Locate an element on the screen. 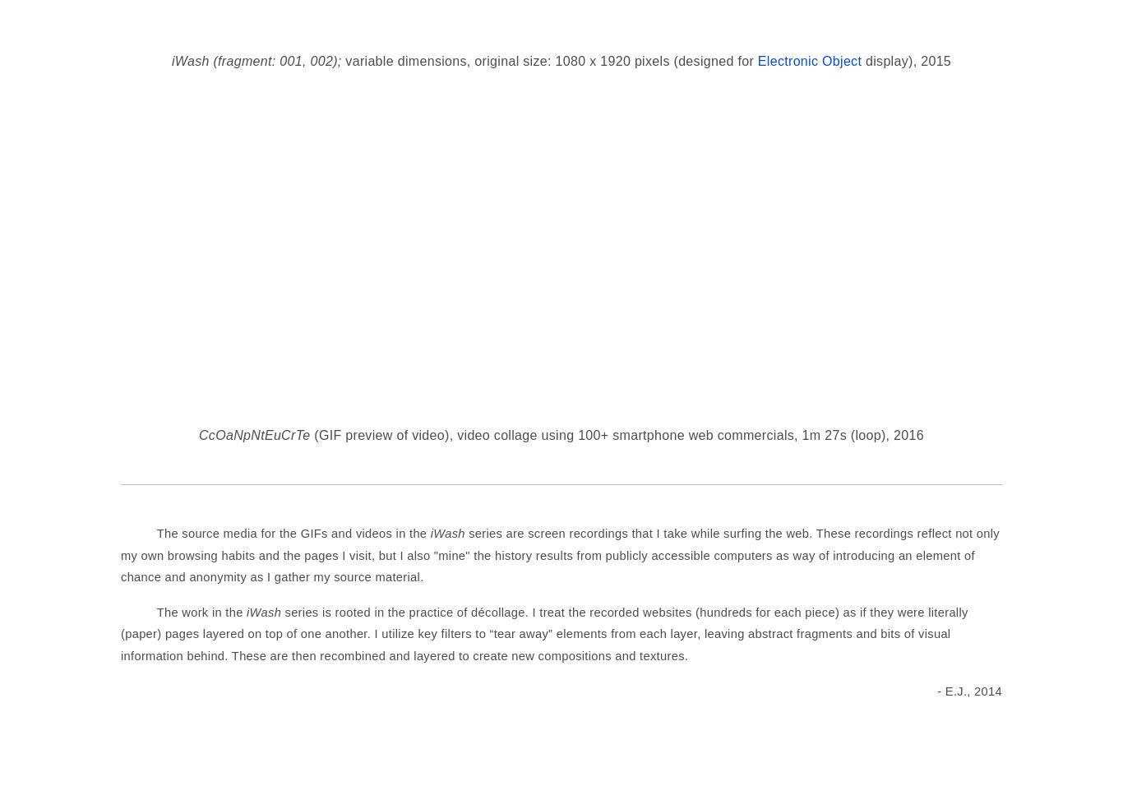 This screenshot has width=1123, height=800. ';' is located at coordinates (335, 59).